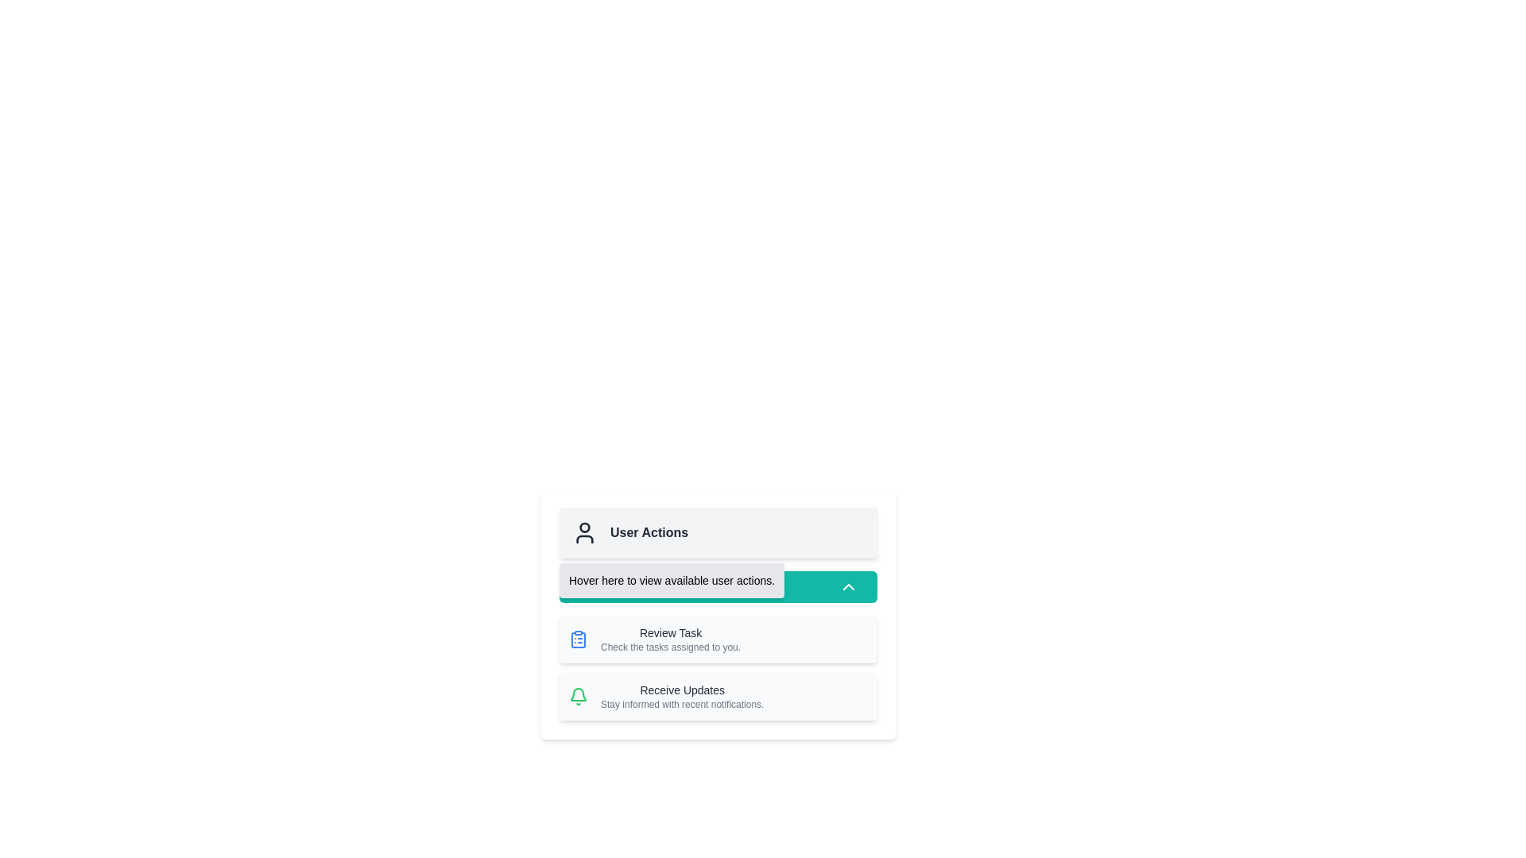  What do you see at coordinates (682, 695) in the screenshot?
I see `the Text Element (Title and Description) located at the bottom of the 'User Actions' section, directly below the 'Review Task' option, aligned to the left` at bounding box center [682, 695].